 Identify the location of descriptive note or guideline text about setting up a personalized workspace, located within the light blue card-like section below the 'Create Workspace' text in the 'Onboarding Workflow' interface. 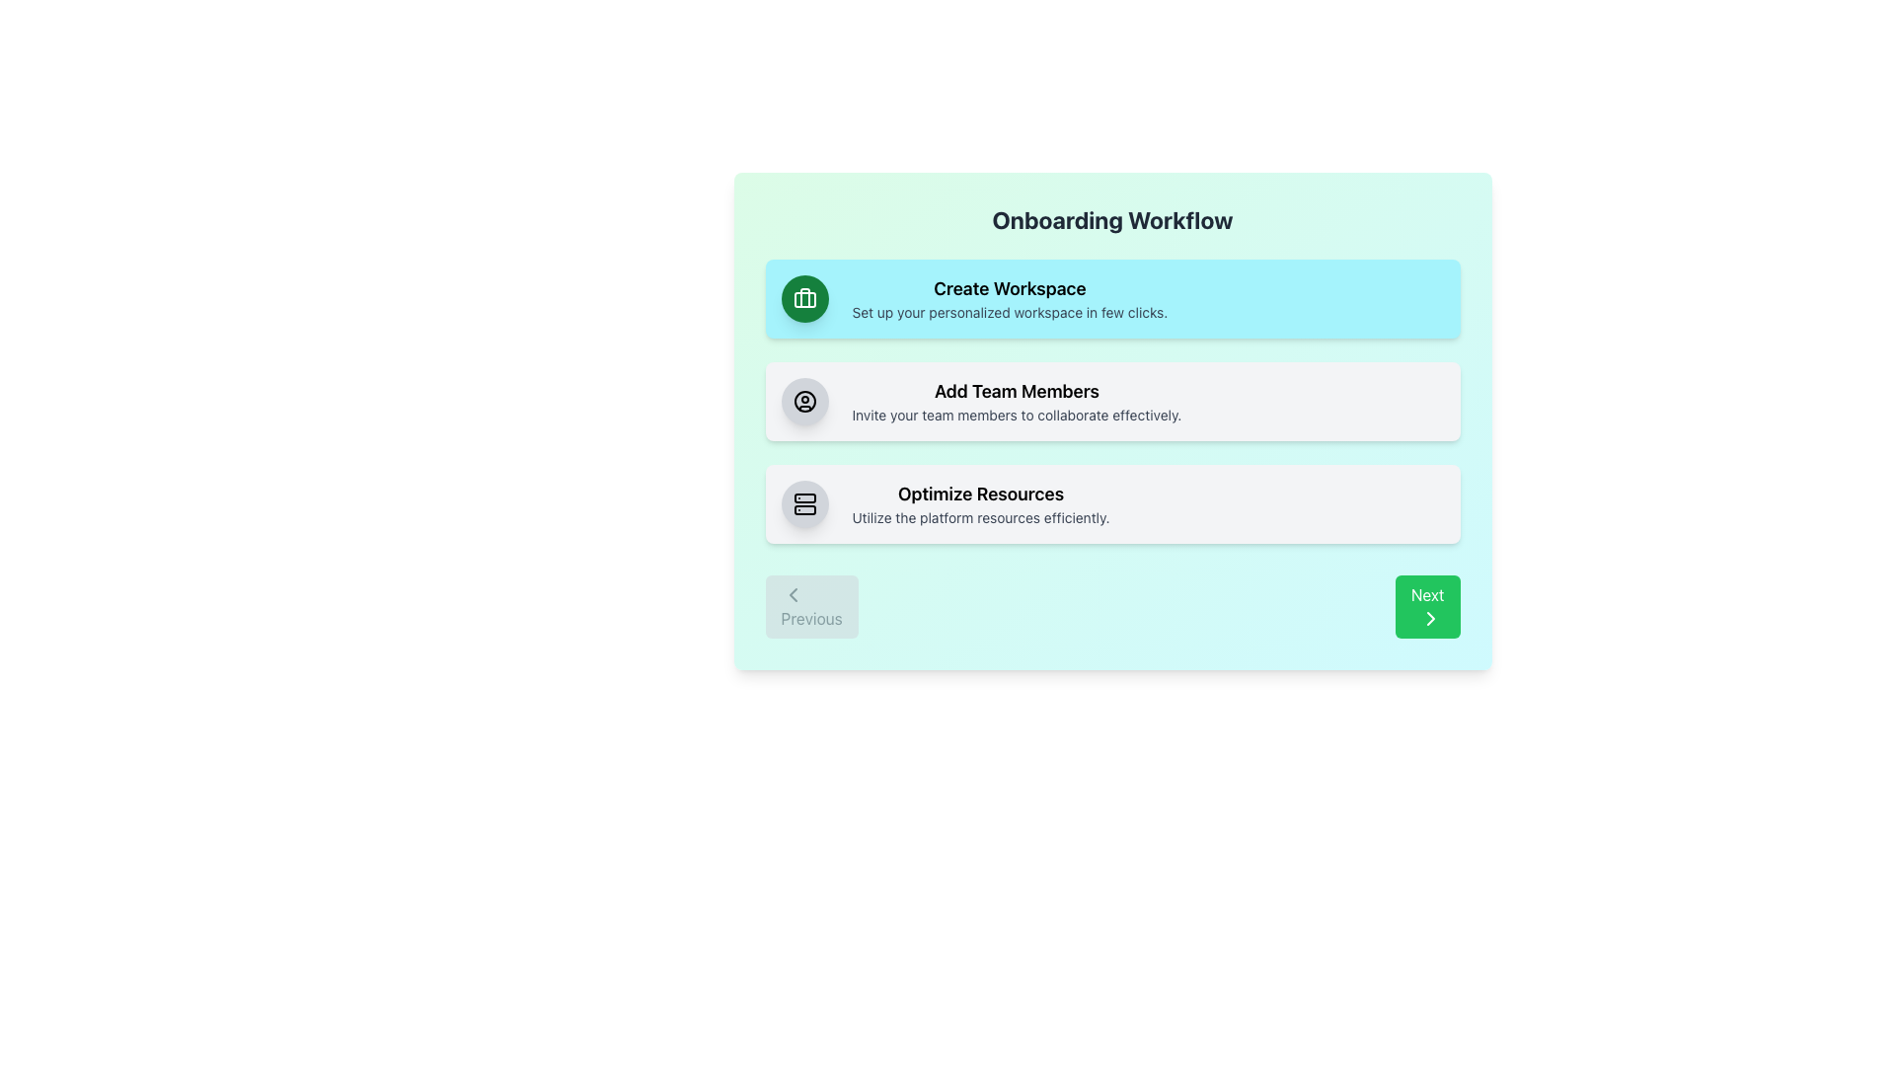
(1010, 311).